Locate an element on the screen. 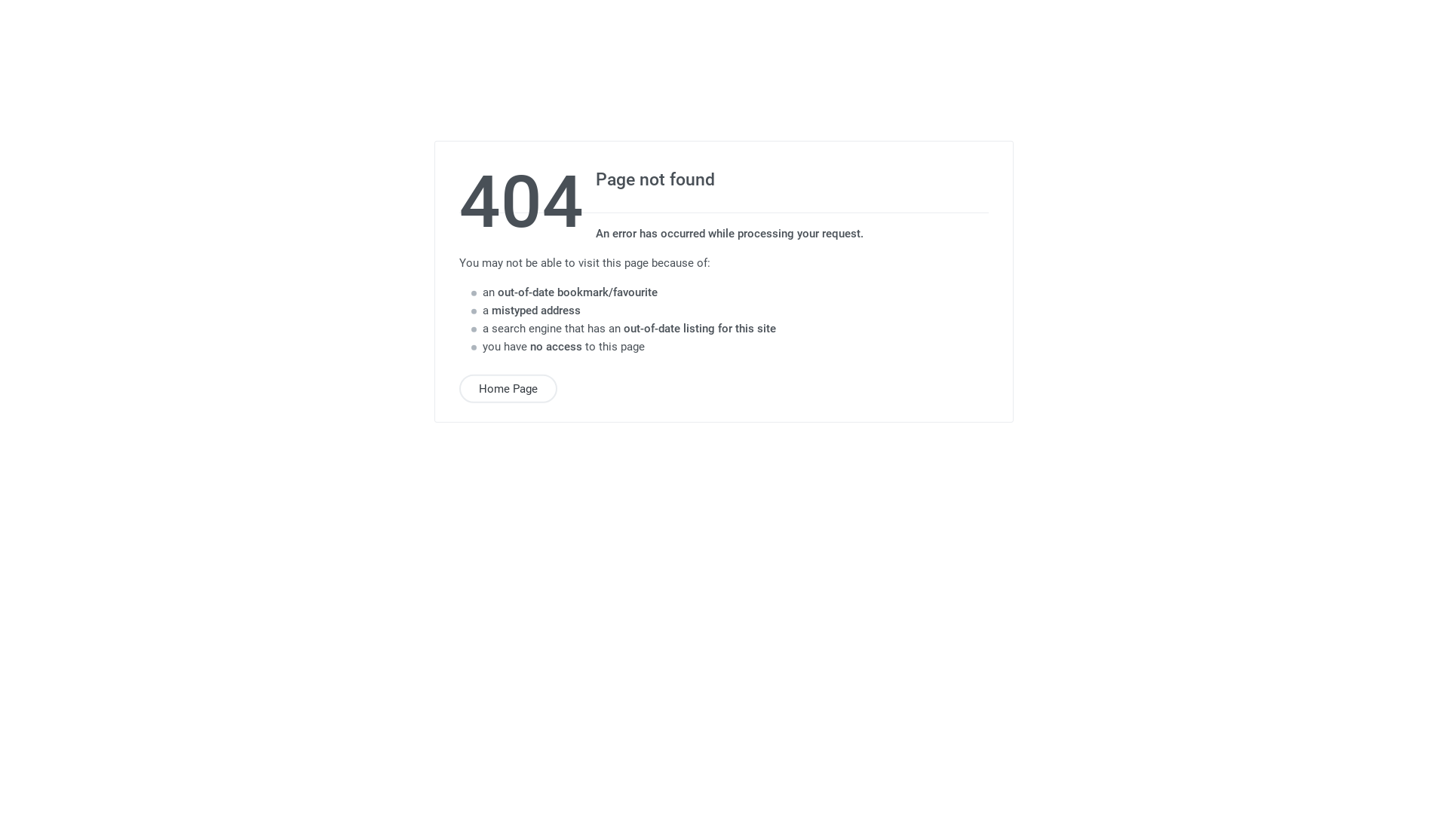 The width and height of the screenshot is (1448, 814). 'Home Page' is located at coordinates (508, 387).